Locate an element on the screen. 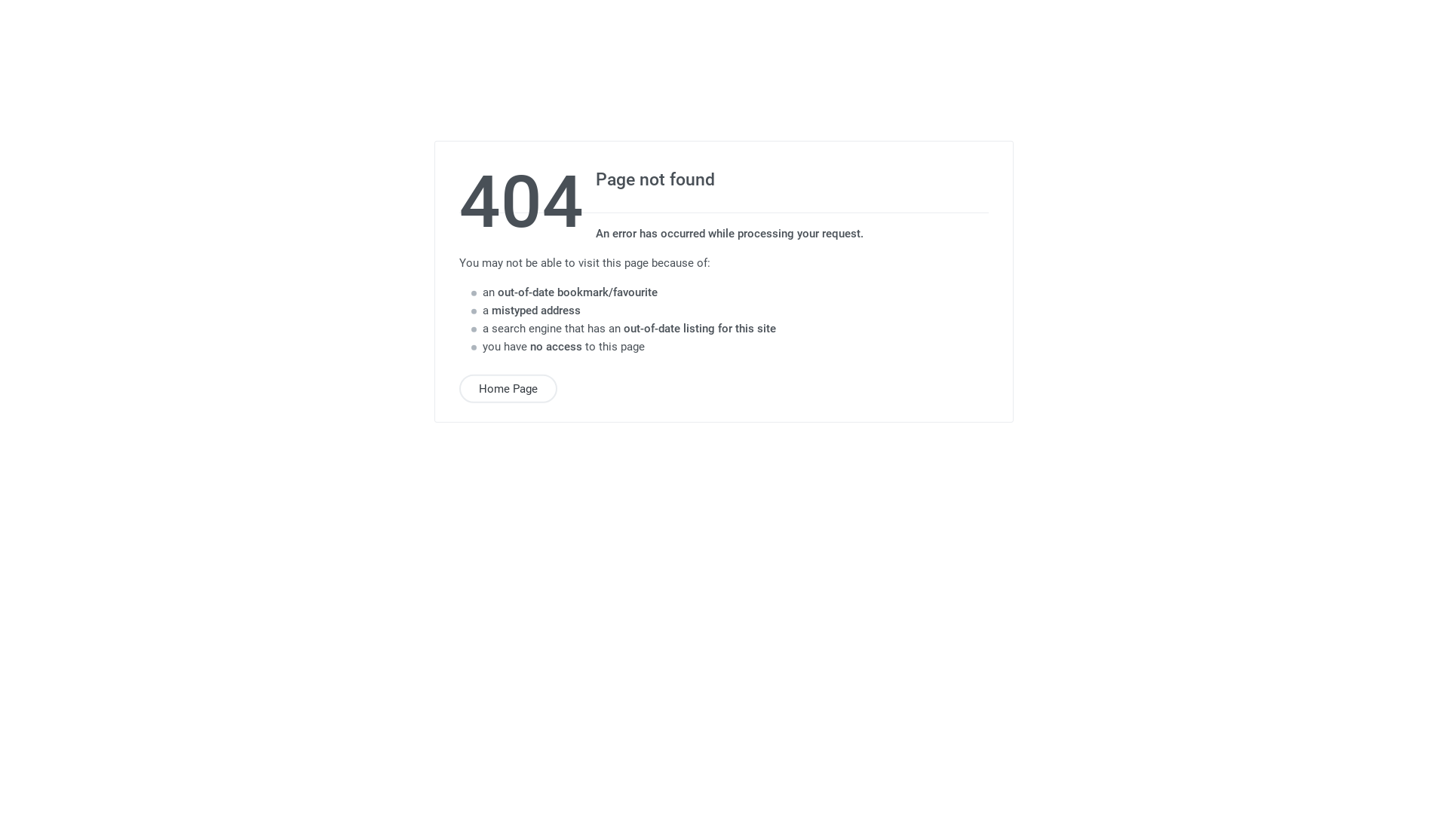 The width and height of the screenshot is (1448, 814). 'Home Page' is located at coordinates (508, 387).